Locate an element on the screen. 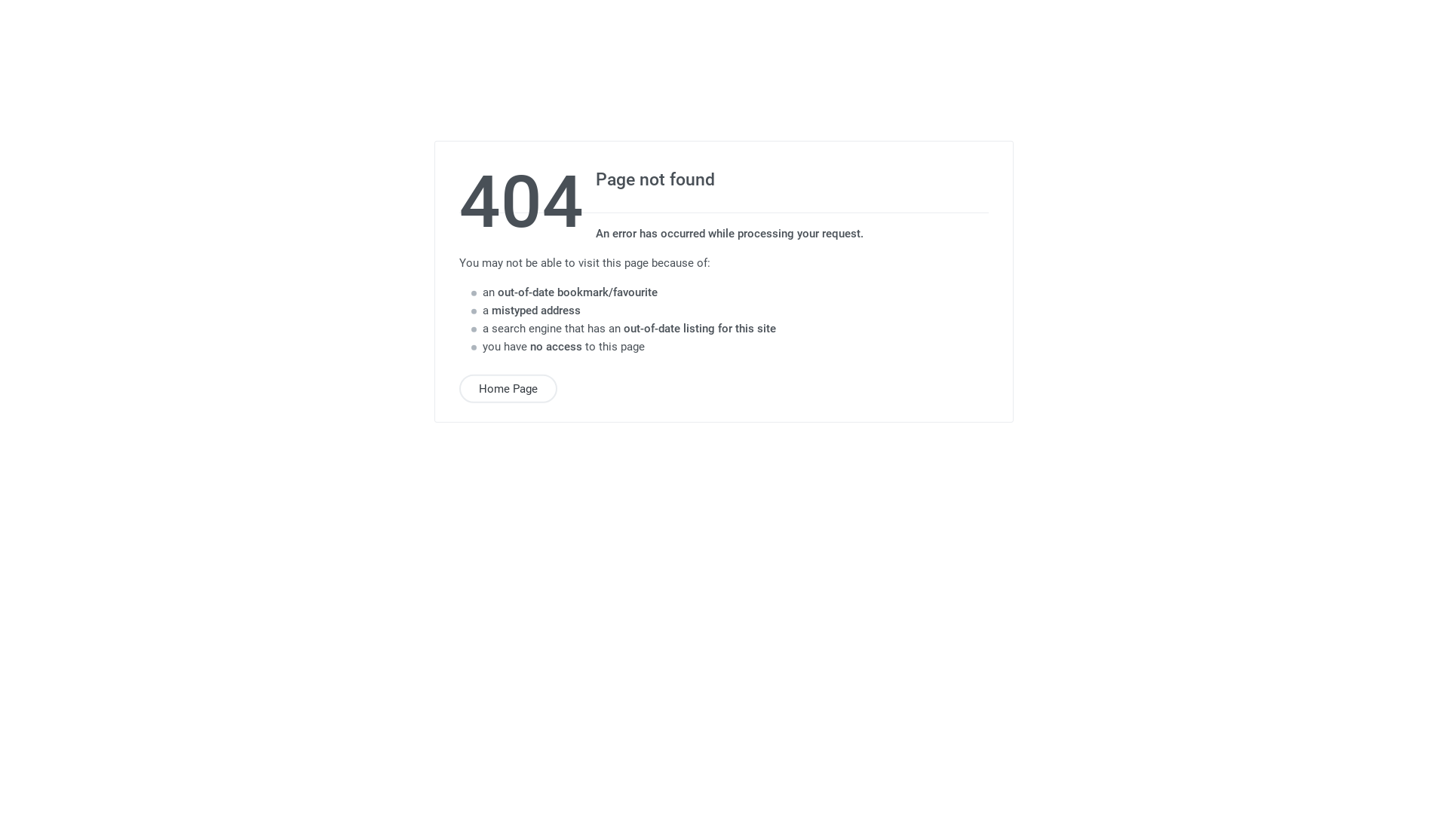 The width and height of the screenshot is (1448, 814). 'Home Page' is located at coordinates (508, 387).